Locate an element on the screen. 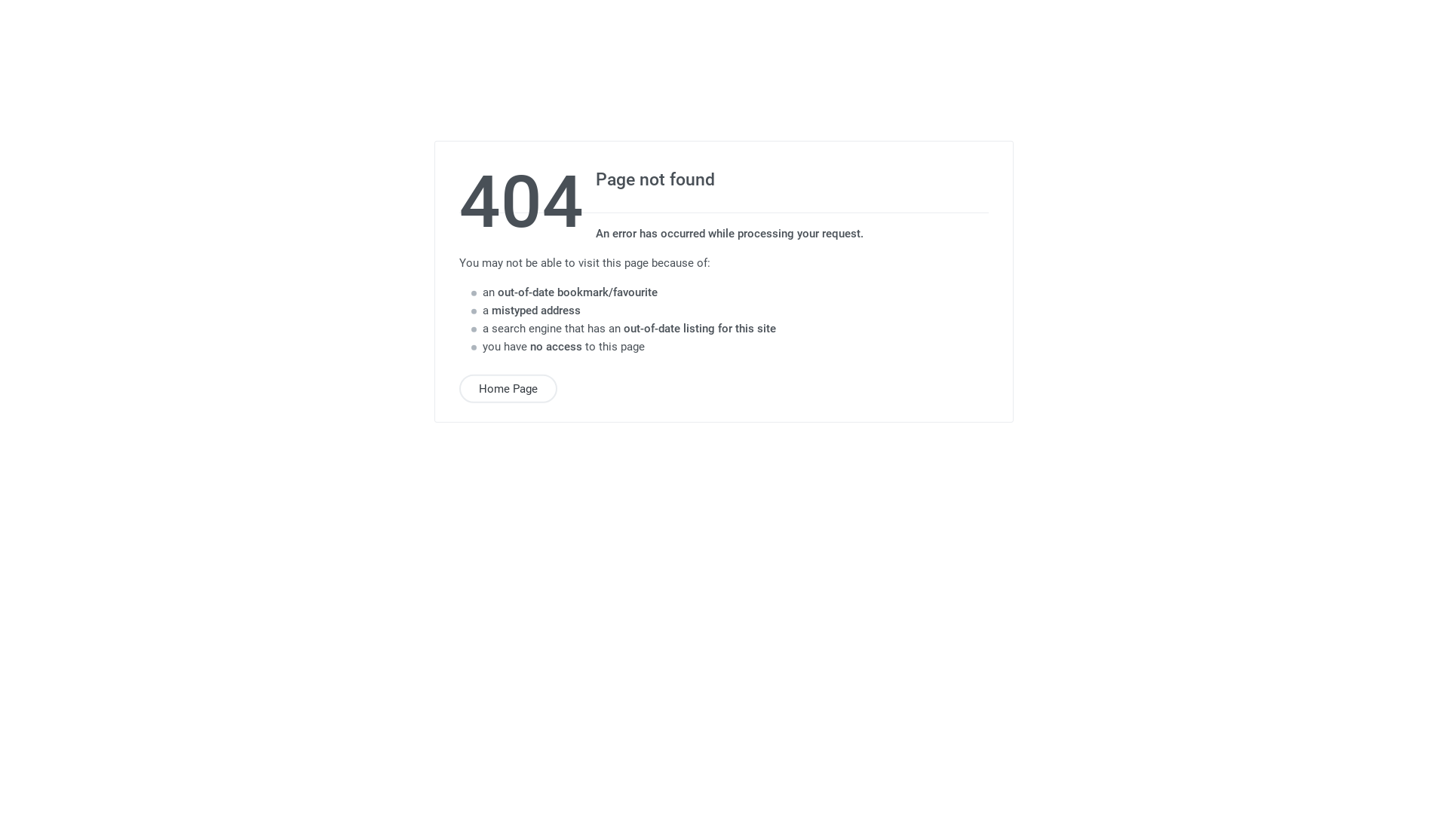 The width and height of the screenshot is (1448, 814). 'Home Page' is located at coordinates (508, 387).